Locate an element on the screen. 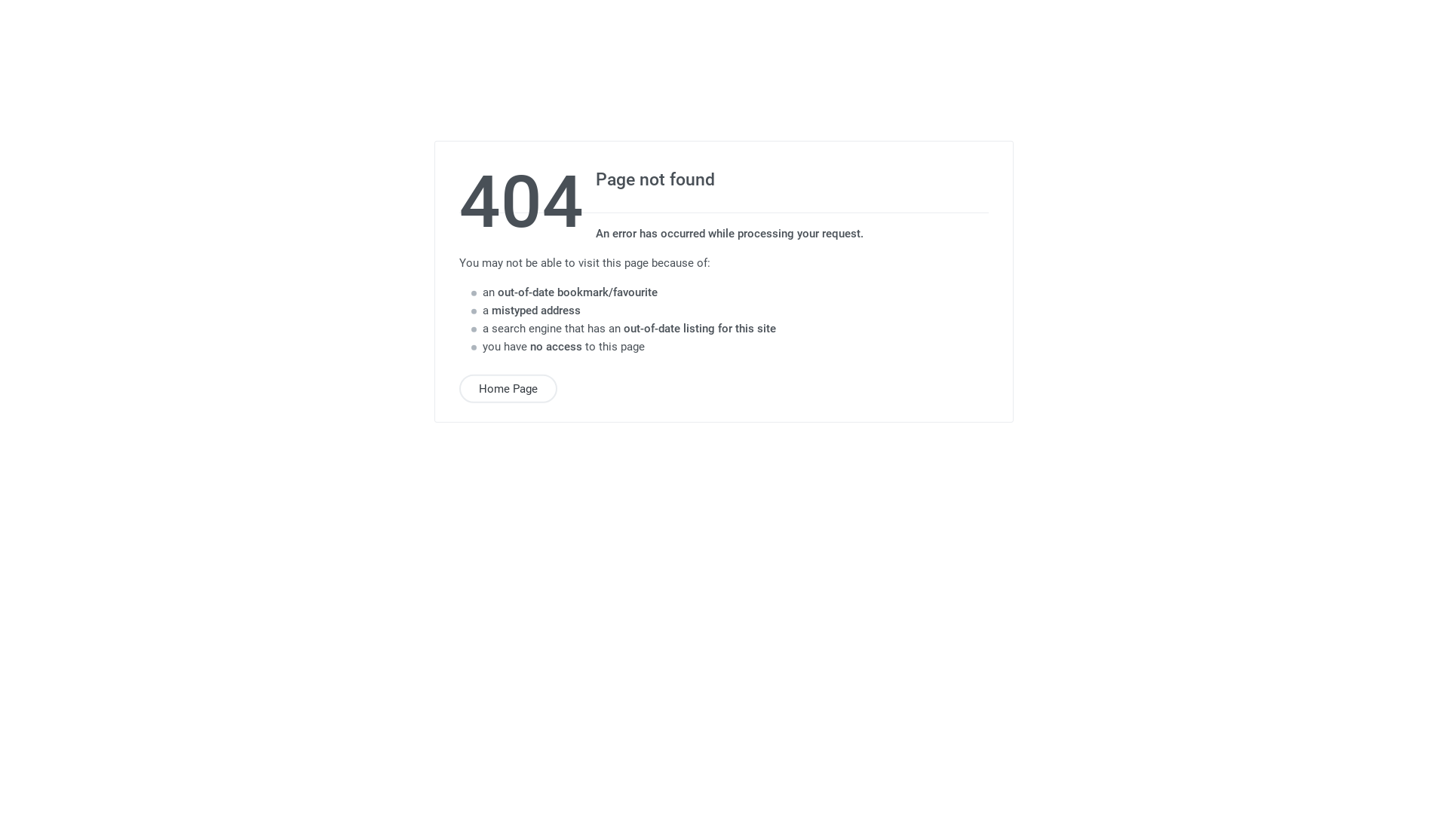 The width and height of the screenshot is (1448, 814). 'Home Page' is located at coordinates (508, 387).